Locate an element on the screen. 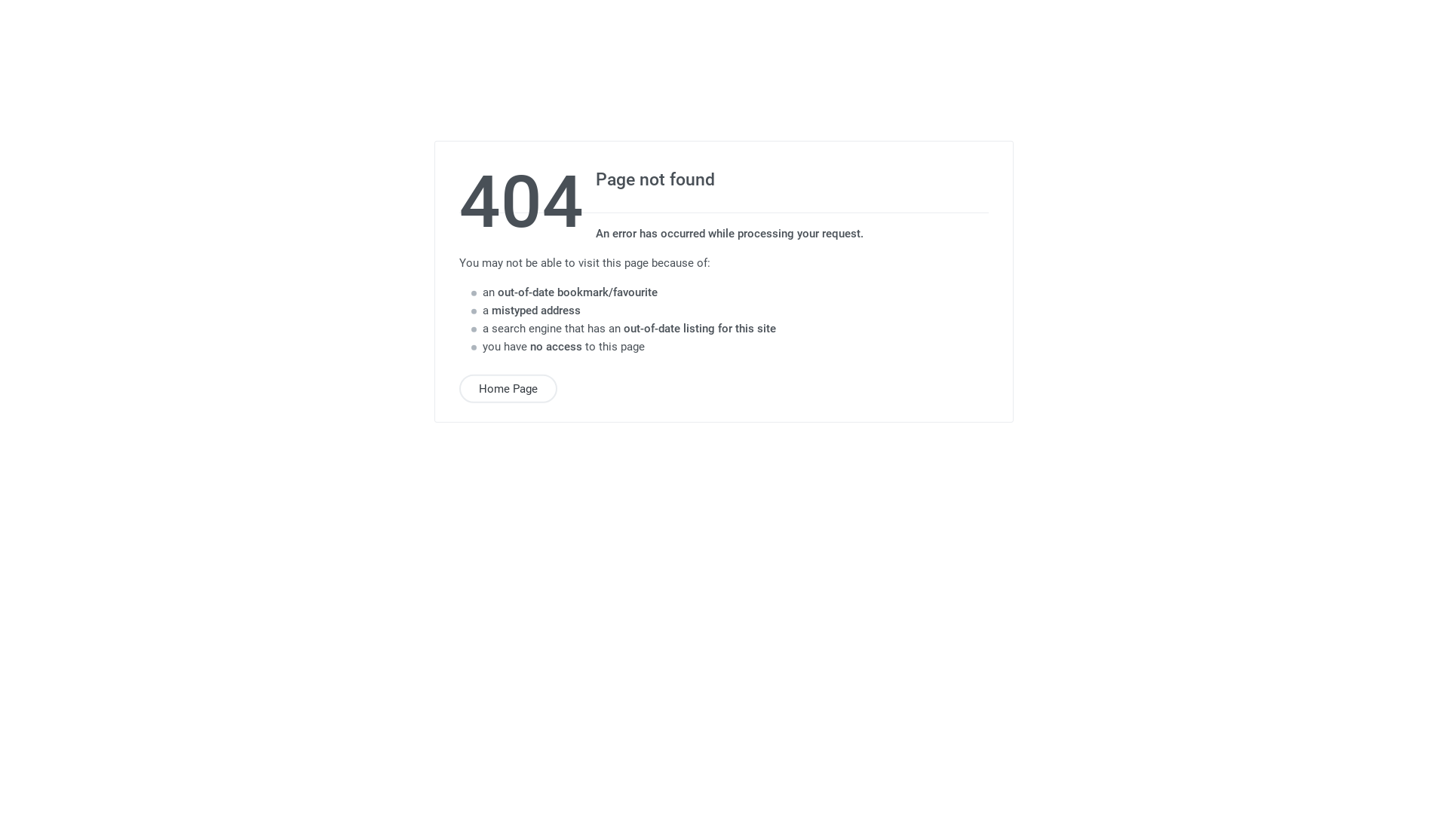 The width and height of the screenshot is (1448, 814). 'Home Page' is located at coordinates (508, 387).